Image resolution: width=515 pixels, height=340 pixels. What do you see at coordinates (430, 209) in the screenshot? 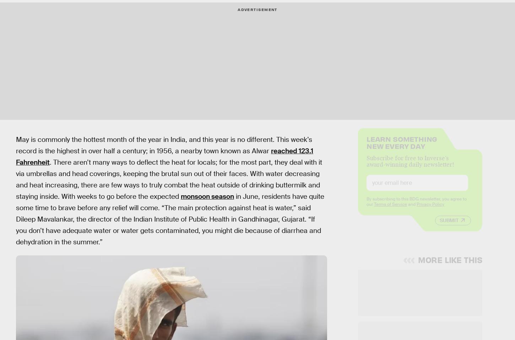
I see `'Privacy Policy'` at bounding box center [430, 209].